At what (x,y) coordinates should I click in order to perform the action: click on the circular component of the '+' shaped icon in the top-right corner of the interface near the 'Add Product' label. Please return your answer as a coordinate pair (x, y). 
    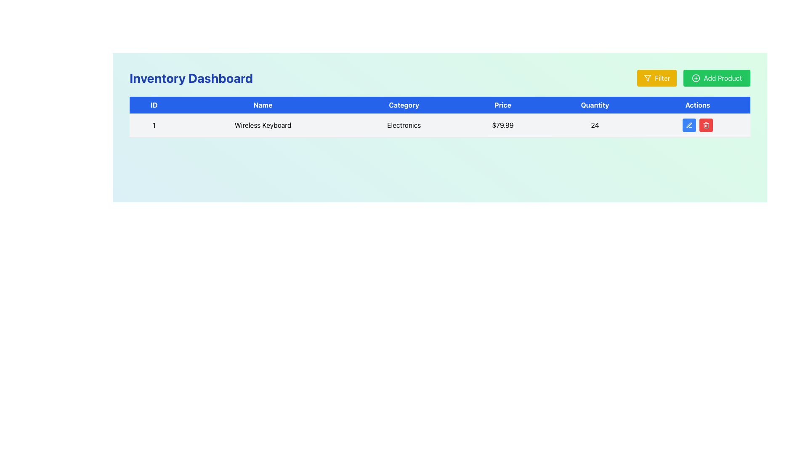
    Looking at the image, I should click on (696, 78).